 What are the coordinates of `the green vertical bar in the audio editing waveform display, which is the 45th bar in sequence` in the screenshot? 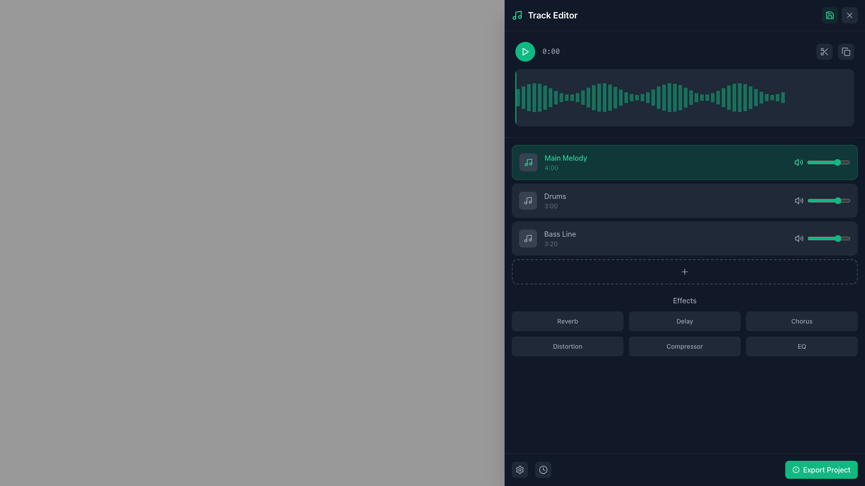 It's located at (706, 97).